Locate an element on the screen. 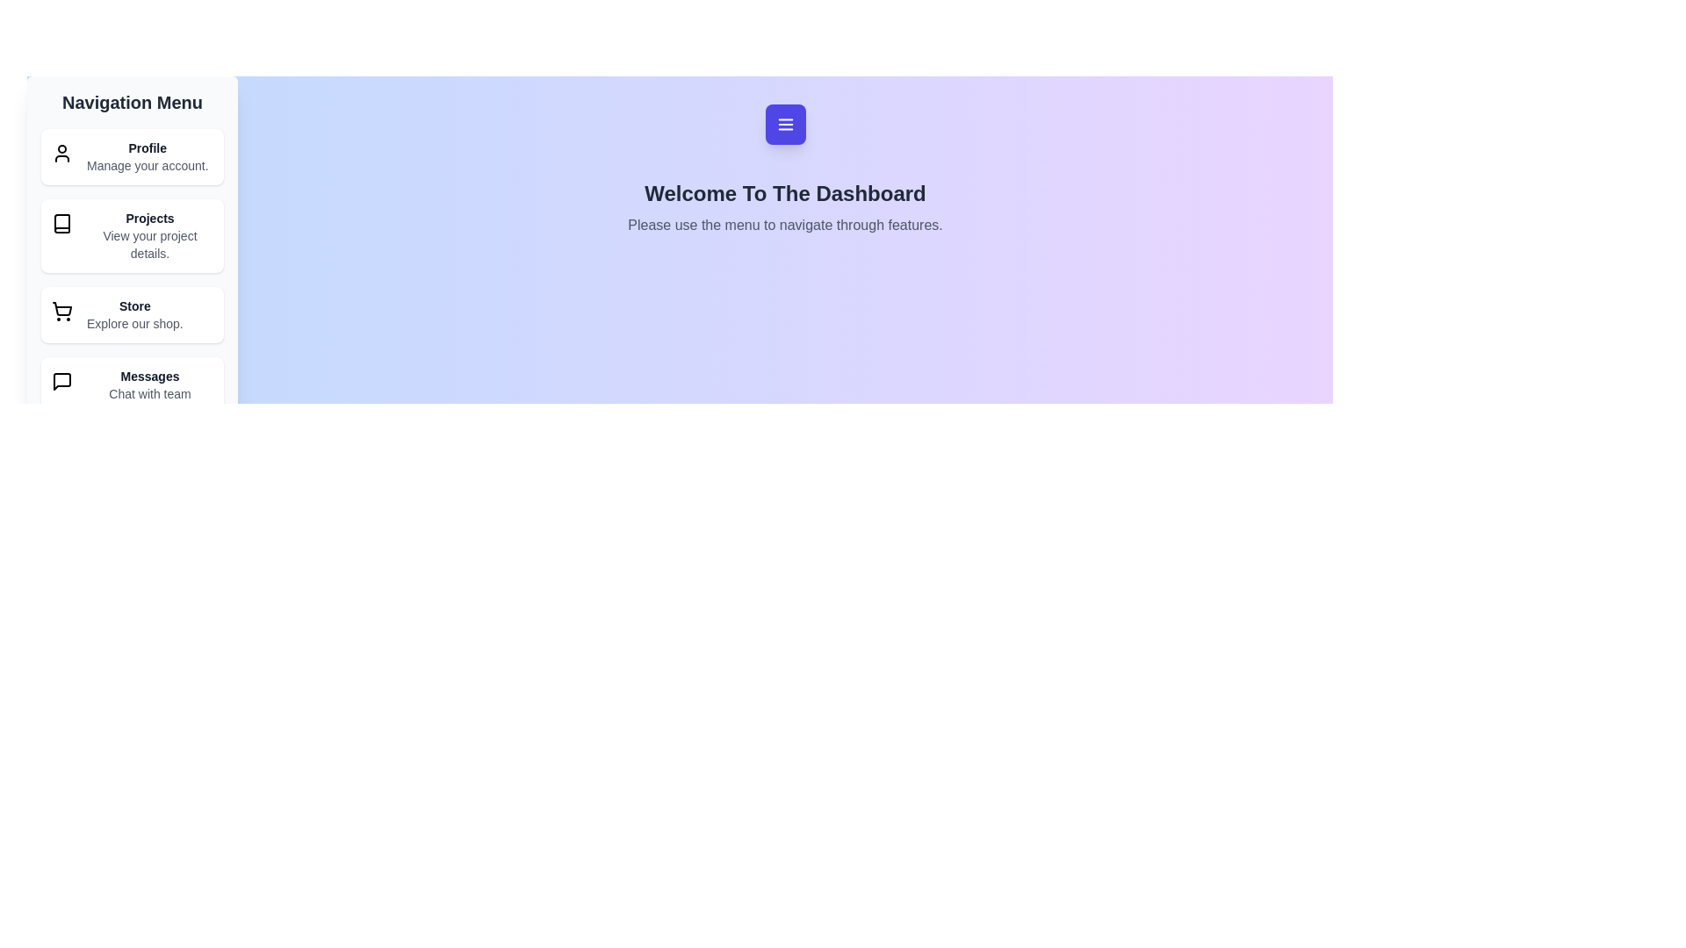 Image resolution: width=1686 pixels, height=948 pixels. the navigation item Projects is located at coordinates (131, 235).